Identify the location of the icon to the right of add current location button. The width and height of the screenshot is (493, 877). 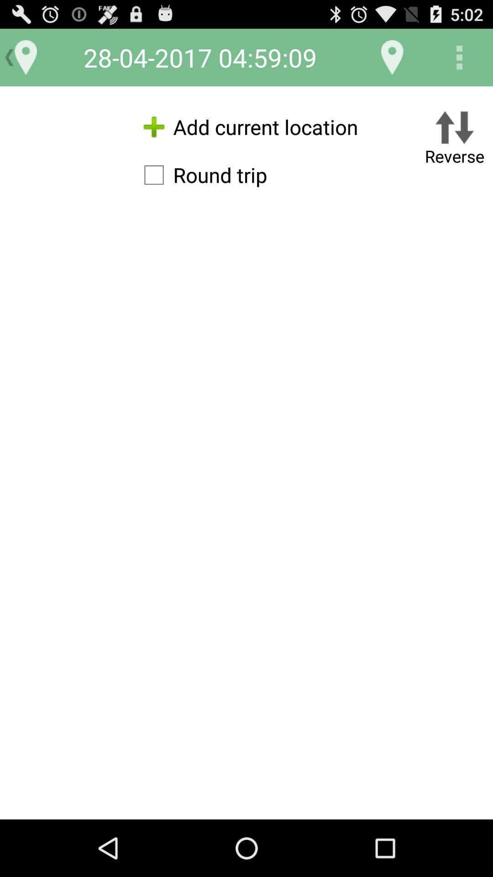
(454, 139).